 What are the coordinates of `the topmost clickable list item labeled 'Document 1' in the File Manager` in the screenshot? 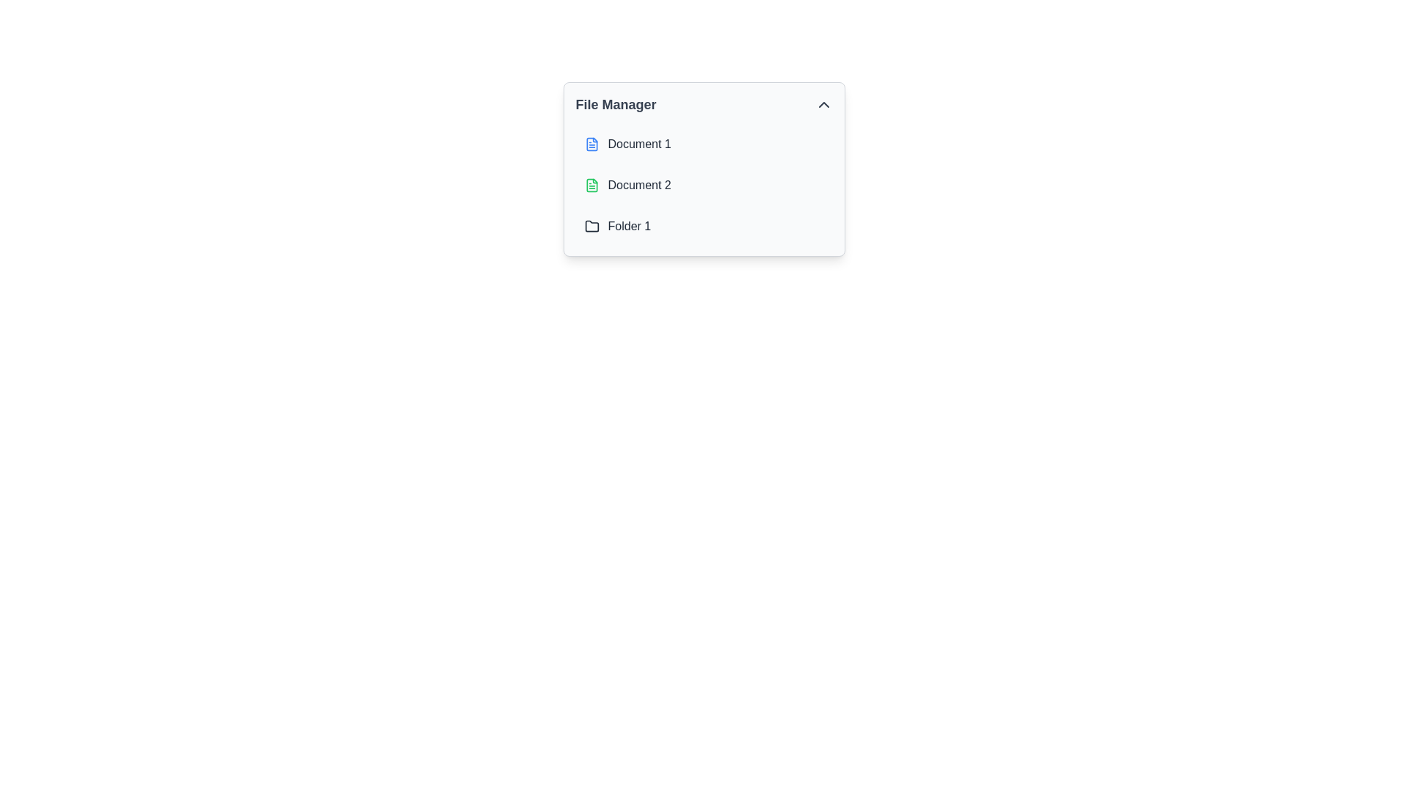 It's located at (703, 144).